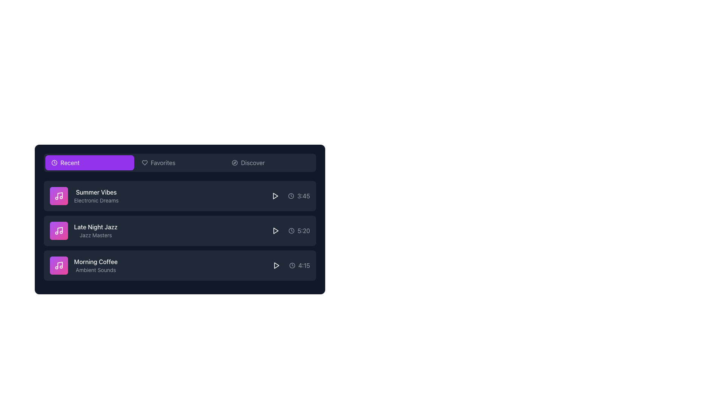 This screenshot has height=408, width=726. Describe the element at coordinates (179, 196) in the screenshot. I see `the first music track item` at that location.